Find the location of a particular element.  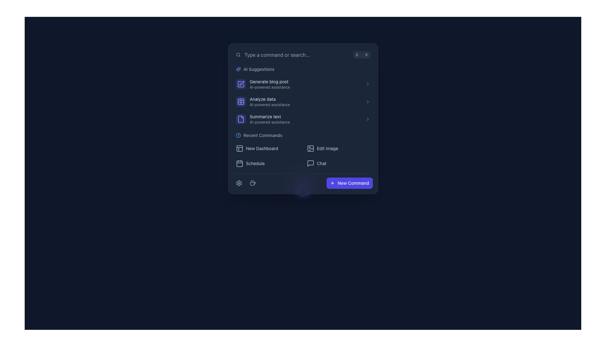

the coffee cup icon with steam lines, which is the second-to-last item in the bottom toolbar of the menu dialog box is located at coordinates (252, 183).